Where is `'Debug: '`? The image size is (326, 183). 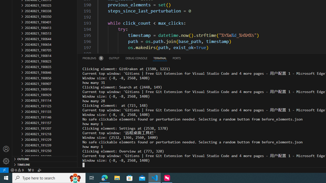
'Debug: ' is located at coordinates (39, 170).